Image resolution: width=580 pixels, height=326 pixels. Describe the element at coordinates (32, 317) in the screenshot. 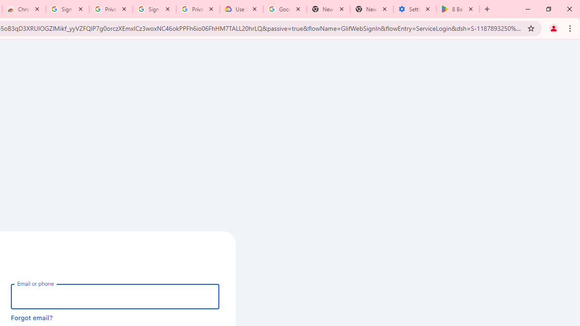

I see `'Forgot email?'` at that location.